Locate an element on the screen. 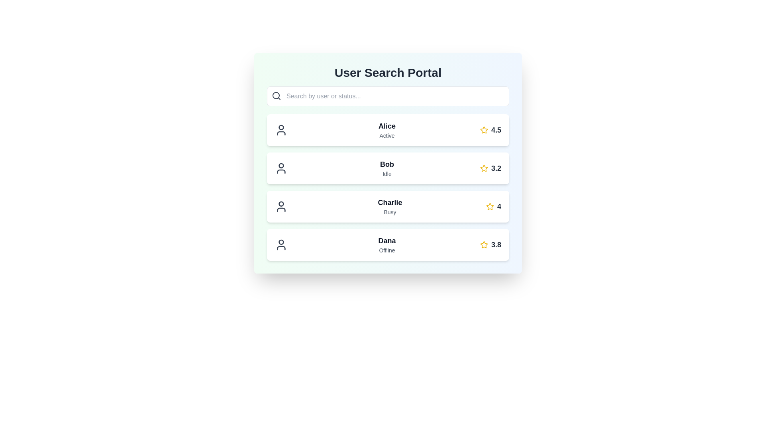  the static text label displaying 'Dana' in bold, large, black font, which is located in the fourth user information card, positioned below 'Charlie' and above 'Offline' is located at coordinates (387, 240).